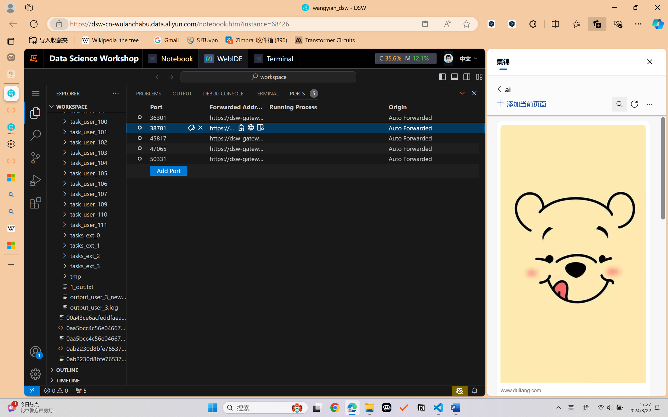  Describe the element at coordinates (170, 76) in the screenshot. I see `'Go Forward (Alt+RightArrow)'` at that location.